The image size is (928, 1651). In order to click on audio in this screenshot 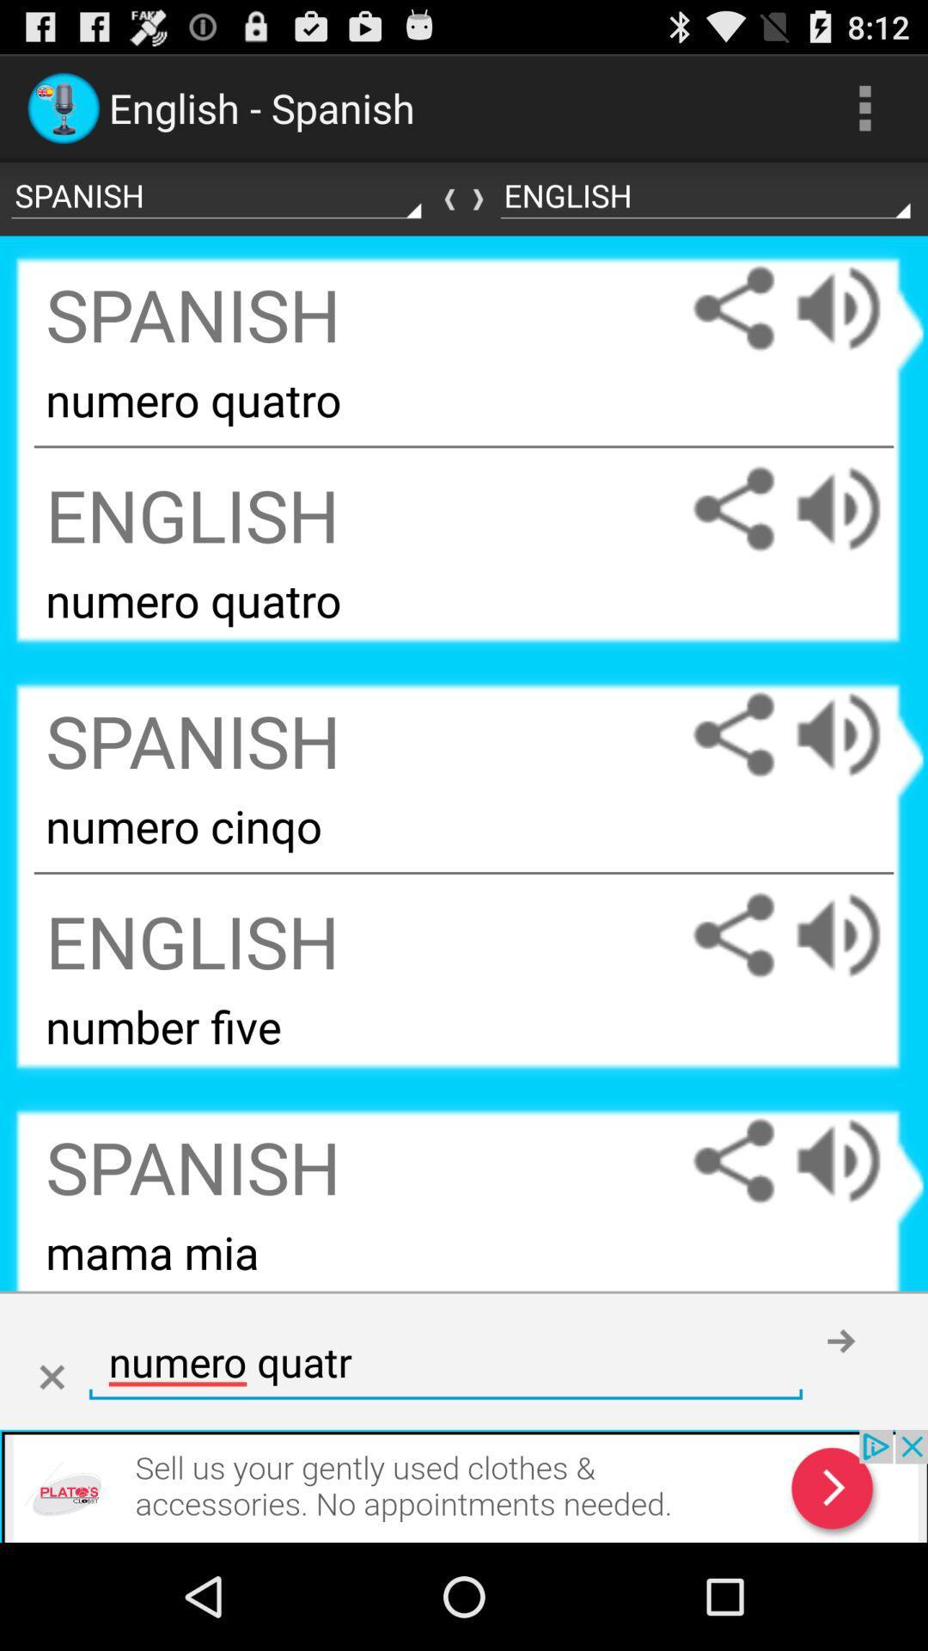, I will do `click(855, 508)`.